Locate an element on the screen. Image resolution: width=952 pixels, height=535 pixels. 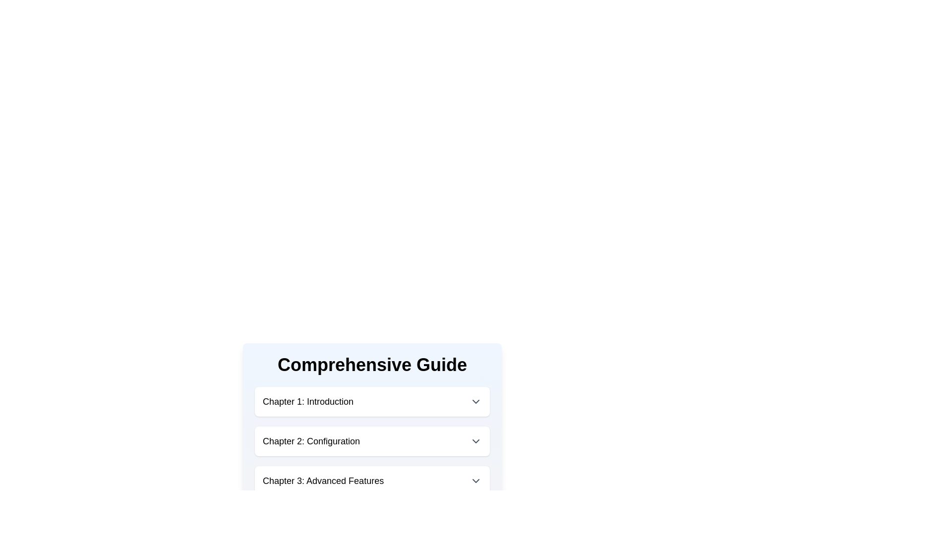
the expandable list item that toggles the visibility of content related to 'Chapter 1: Introduction' within the 'Comprehensive Guide' section is located at coordinates (371, 401).